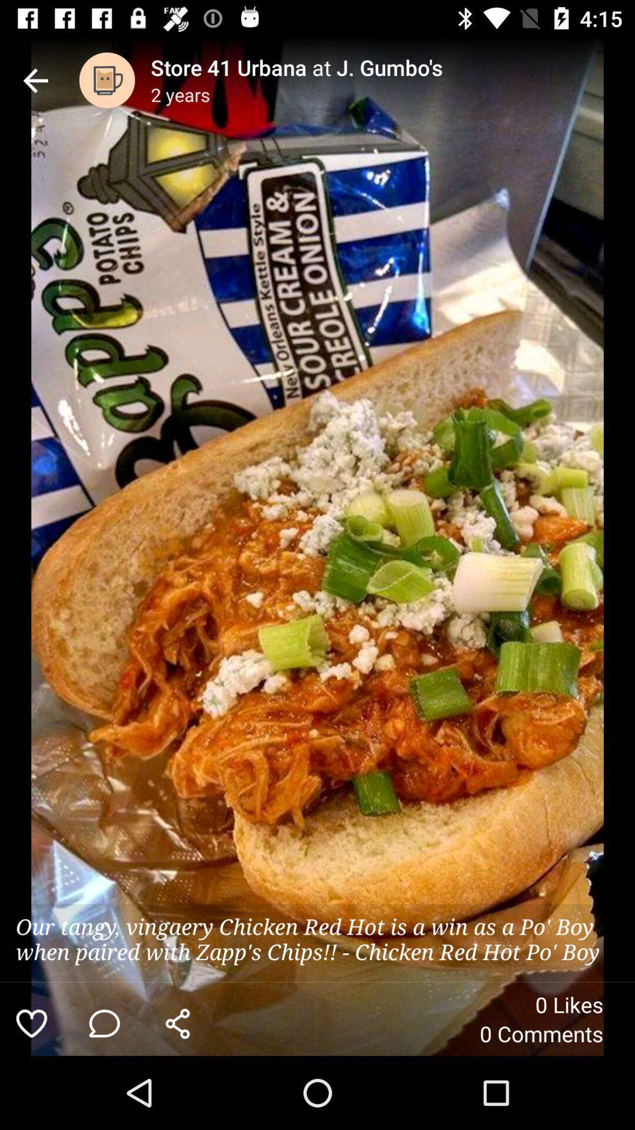  What do you see at coordinates (107, 79) in the screenshot?
I see `icon next to the store 41 urbana item` at bounding box center [107, 79].